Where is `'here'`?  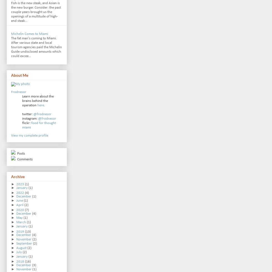
'here' is located at coordinates (40, 105).